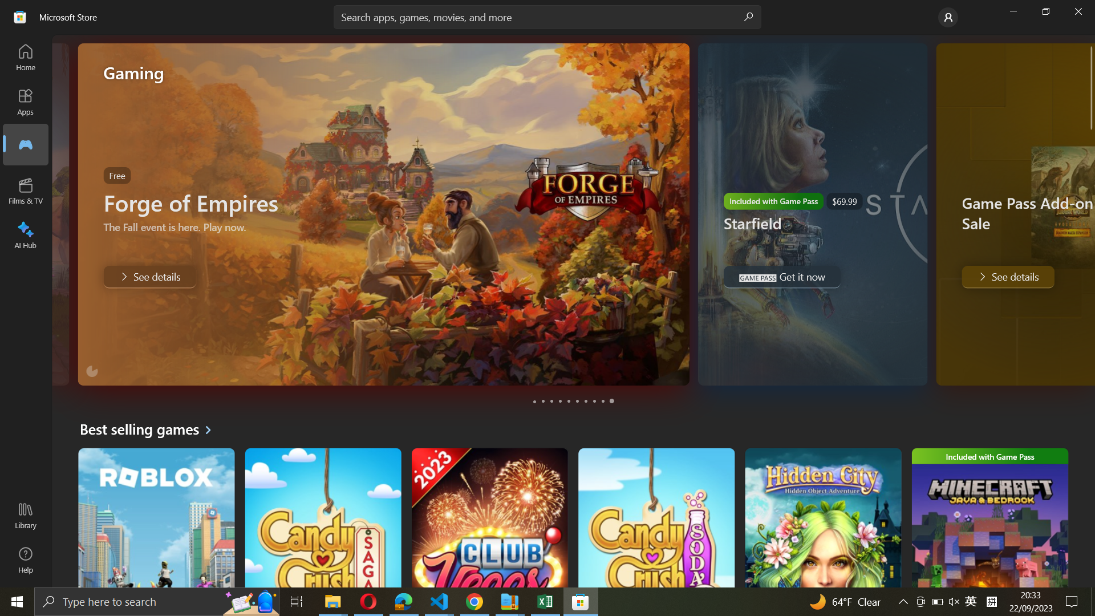 Image resolution: width=1095 pixels, height=616 pixels. What do you see at coordinates (26, 191) in the screenshot?
I see `Head over to the Cinema & TV Shows category` at bounding box center [26, 191].